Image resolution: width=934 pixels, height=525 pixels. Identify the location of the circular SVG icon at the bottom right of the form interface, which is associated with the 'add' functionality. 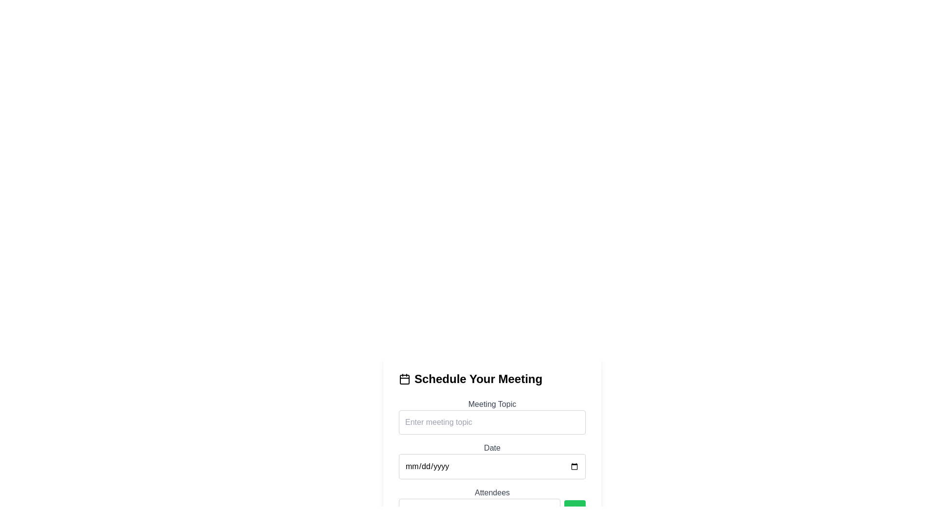
(575, 510).